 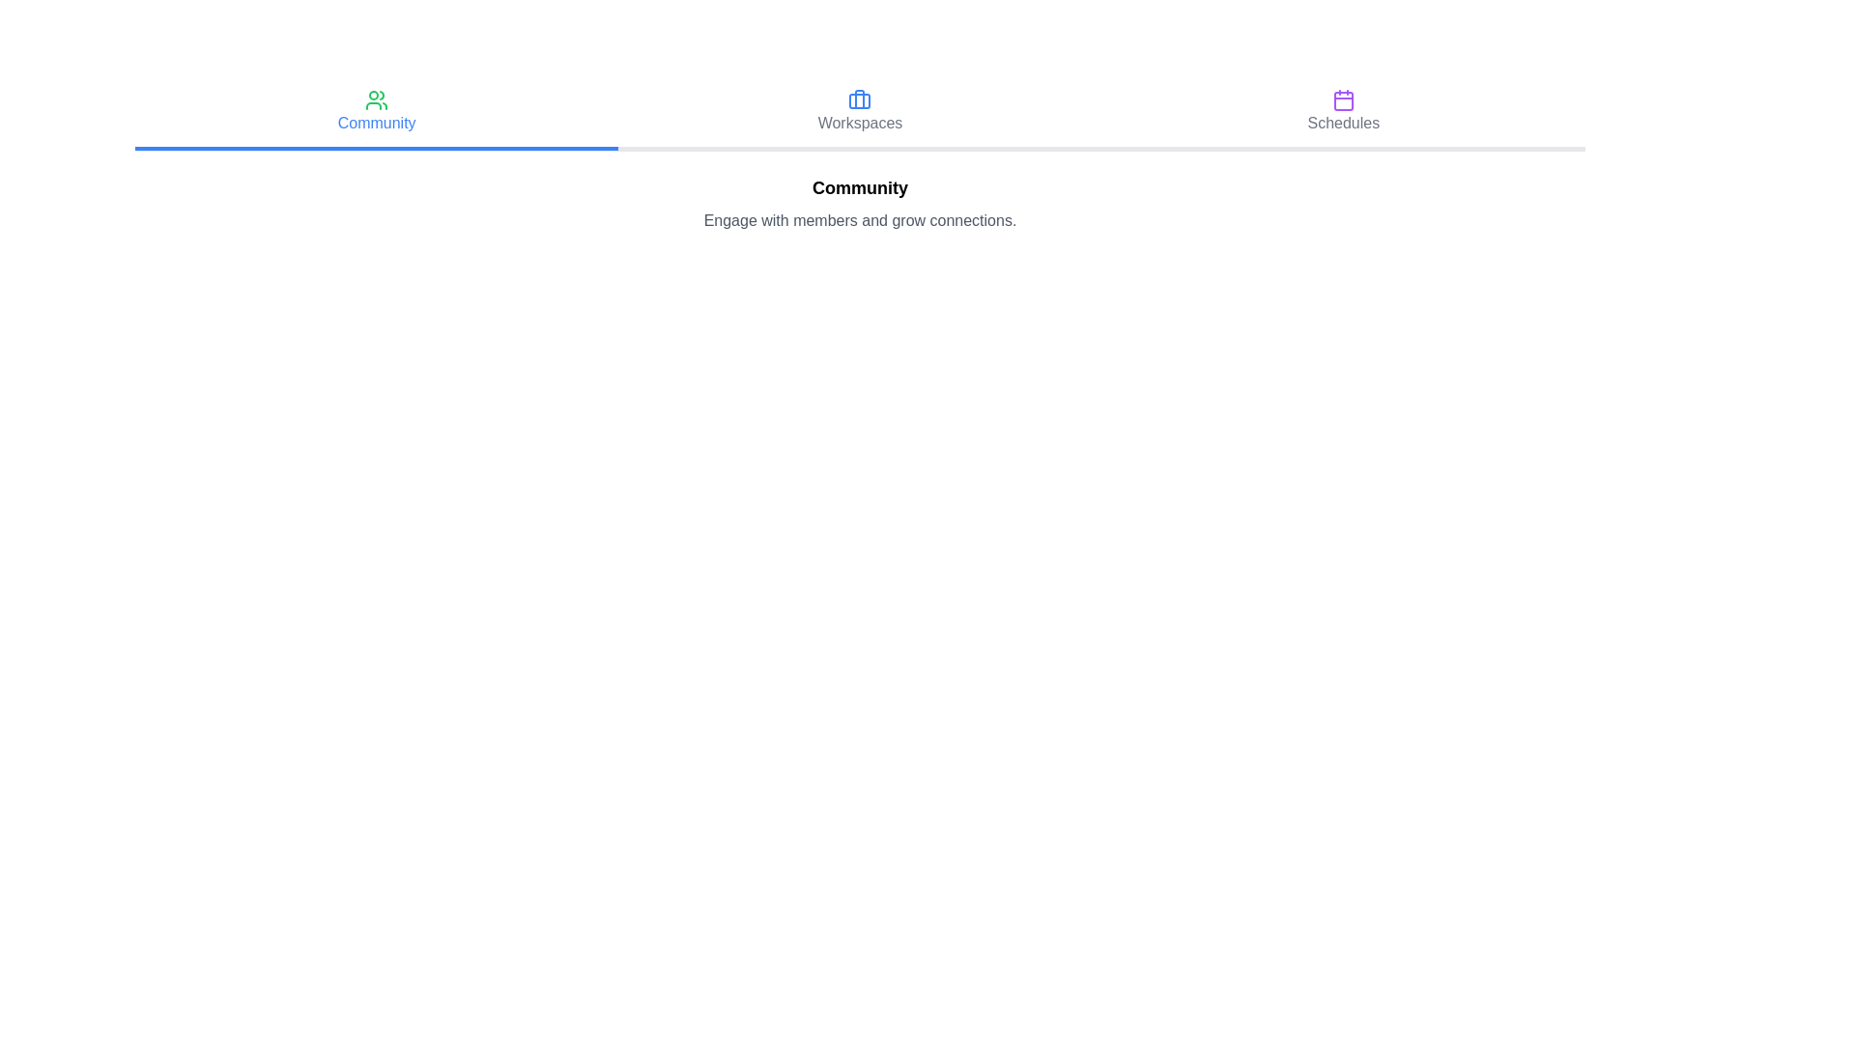 What do you see at coordinates (859, 114) in the screenshot?
I see `the tab labeled Workspaces to switch to the corresponding content` at bounding box center [859, 114].